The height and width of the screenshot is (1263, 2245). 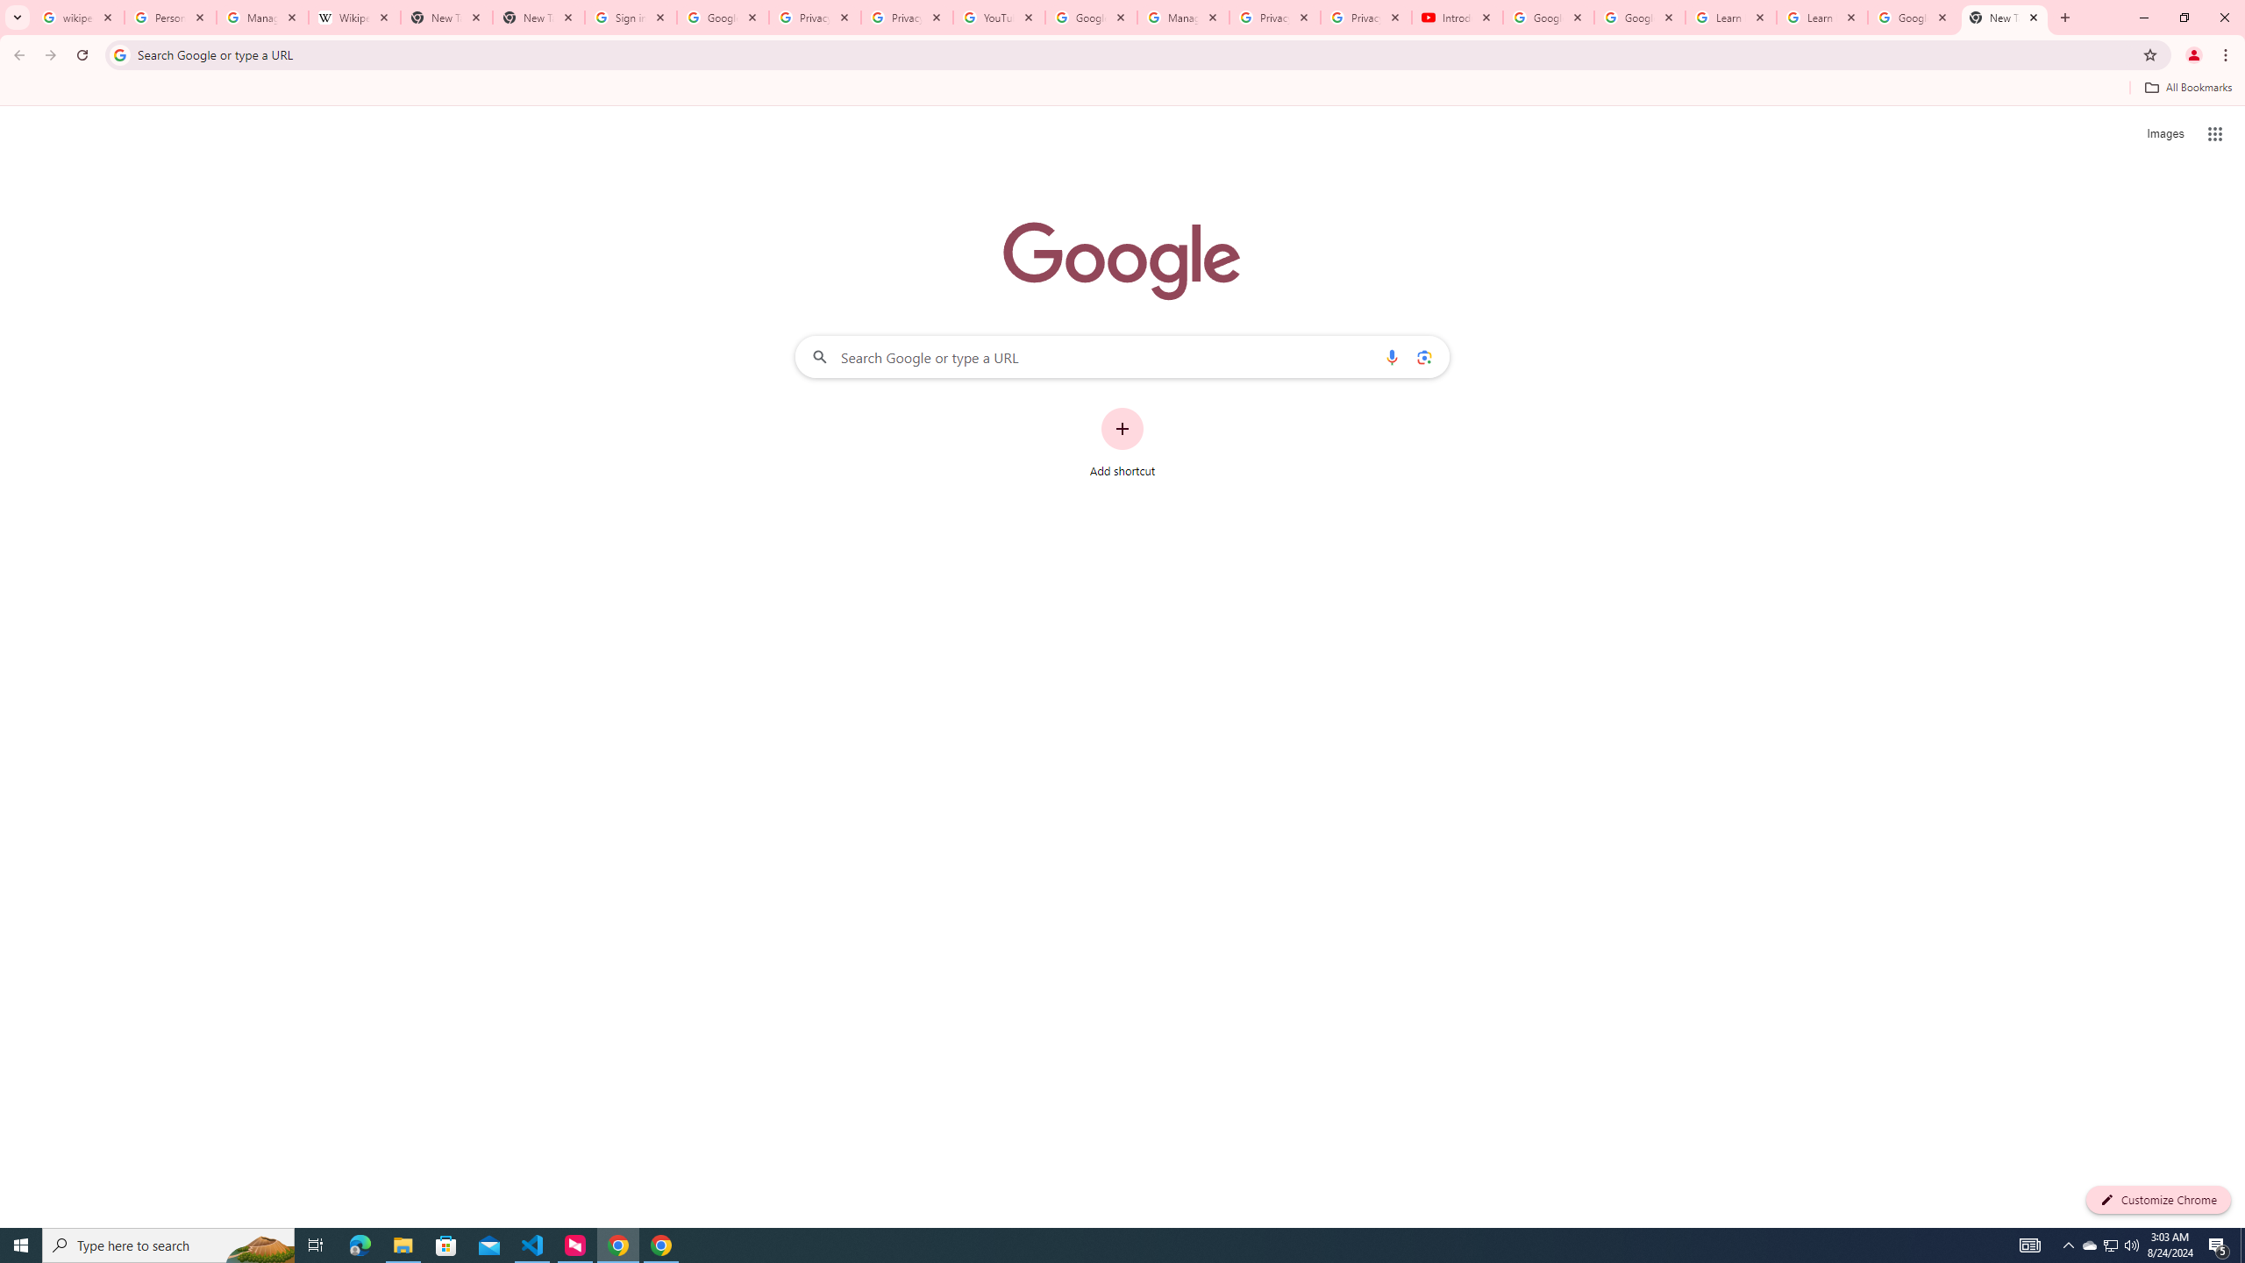 What do you see at coordinates (2149, 54) in the screenshot?
I see `'Bookmark this tab'` at bounding box center [2149, 54].